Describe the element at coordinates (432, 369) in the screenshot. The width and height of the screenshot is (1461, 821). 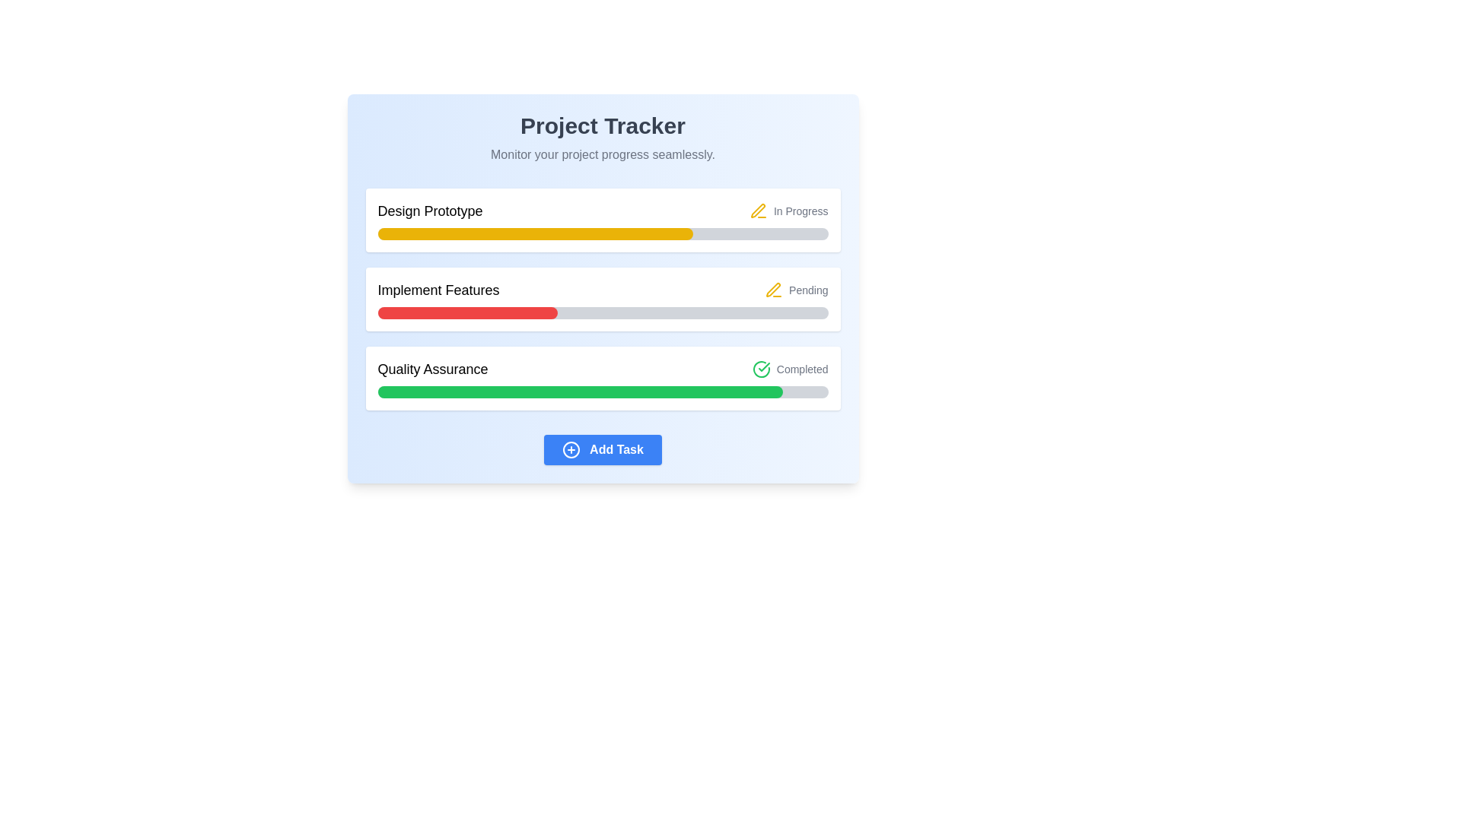
I see `the 'Quality Assurance' text label, which is the leftmost component in the progress tracker interface indicating the task stage` at that location.